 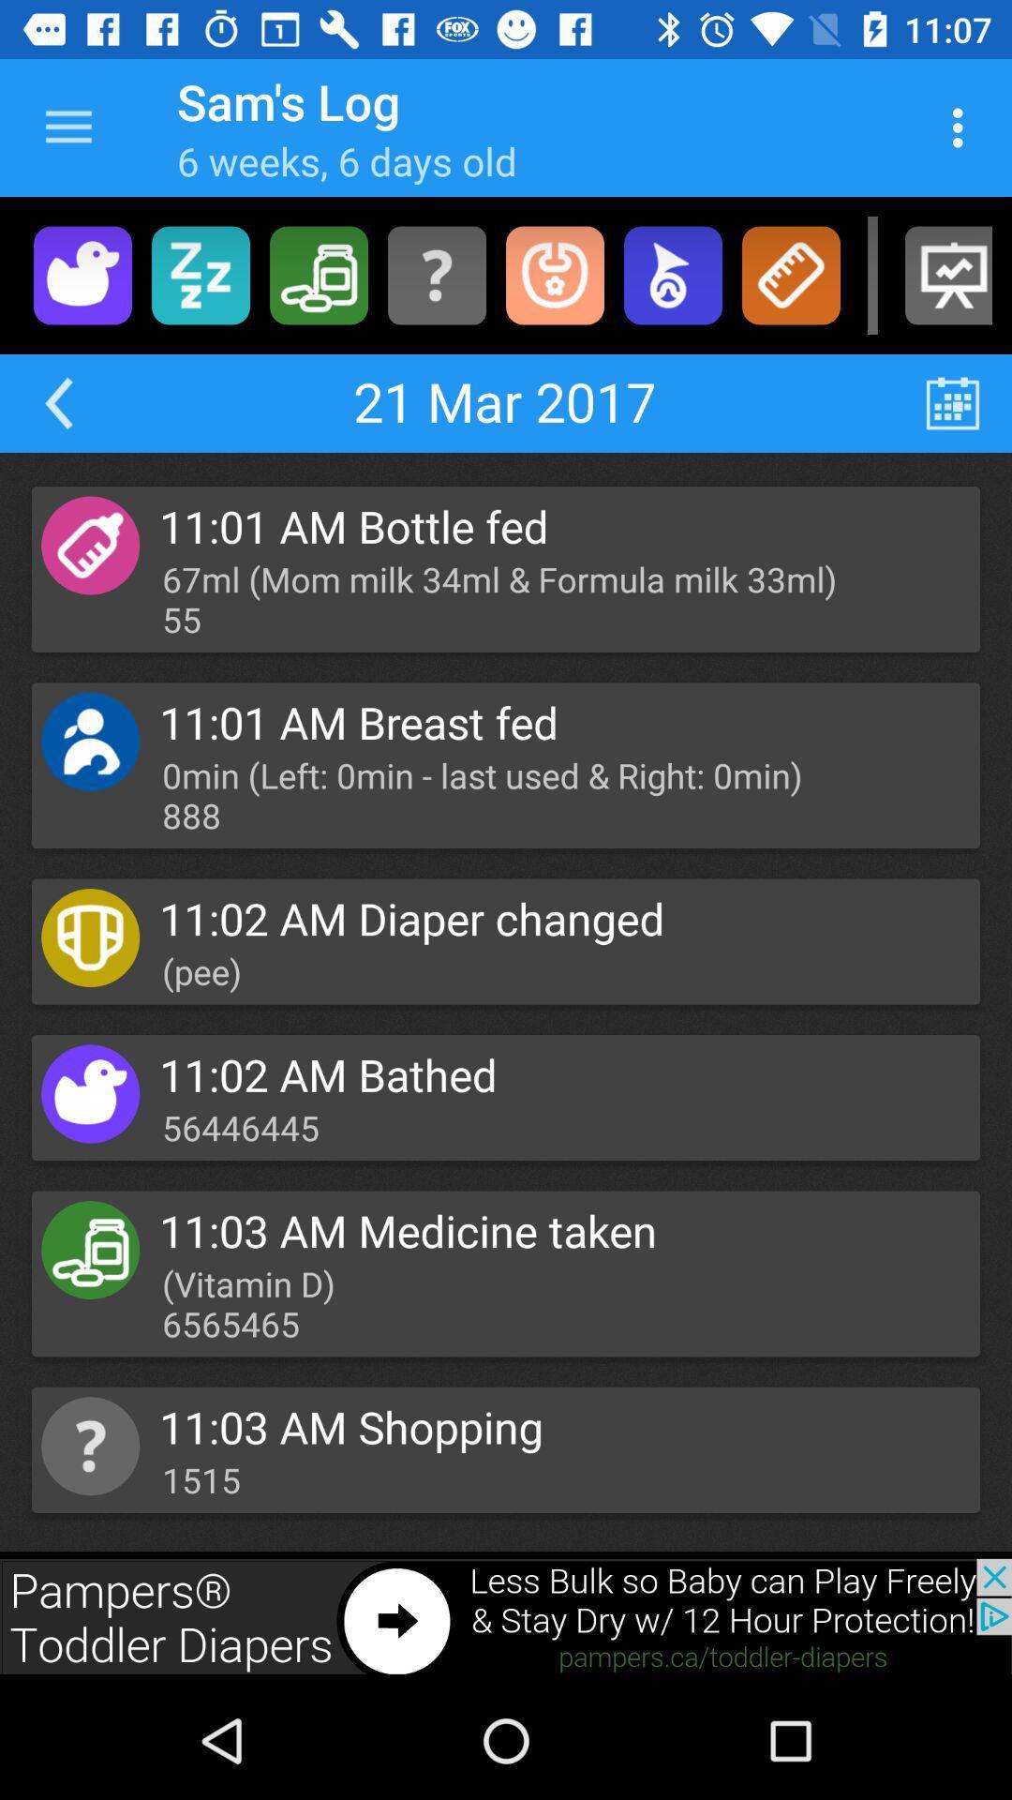 I want to click on the sliders icon, so click(x=201, y=274).